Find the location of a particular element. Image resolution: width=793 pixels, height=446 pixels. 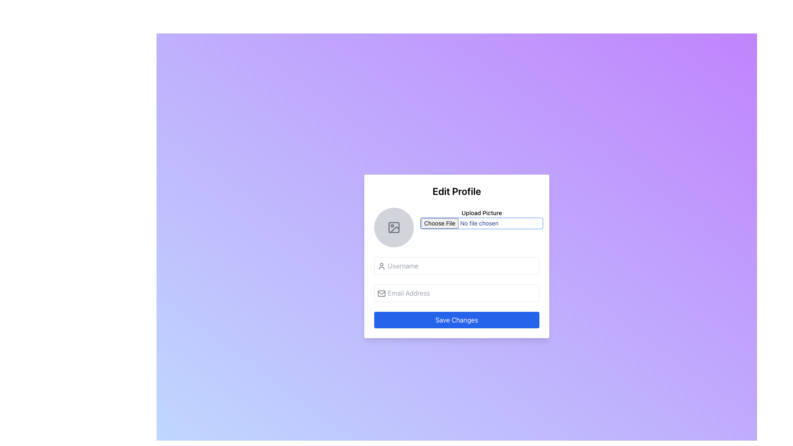

the email input field located in the 'Edit Profile' section, positioned below the 'Username' field and above the 'Save Changes' button, to focus on it is located at coordinates (456, 292).